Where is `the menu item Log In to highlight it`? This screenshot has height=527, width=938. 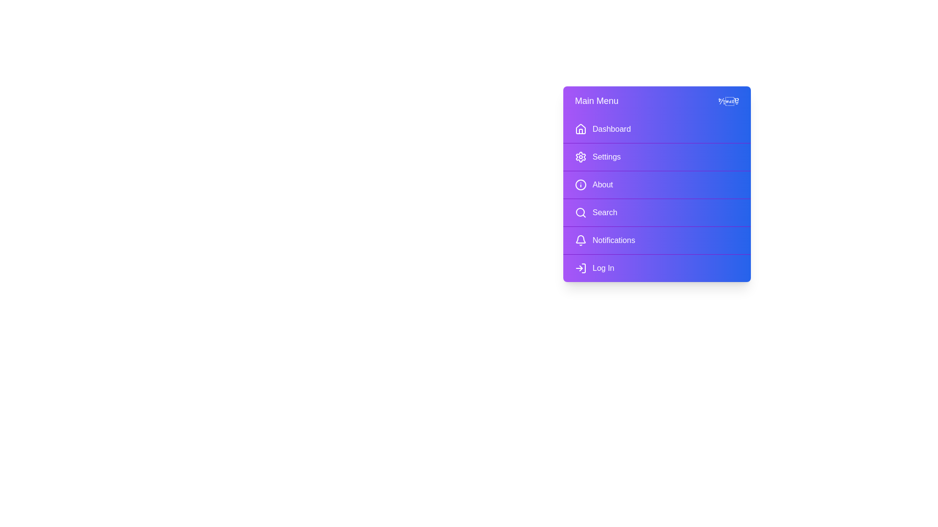 the menu item Log In to highlight it is located at coordinates (657, 268).